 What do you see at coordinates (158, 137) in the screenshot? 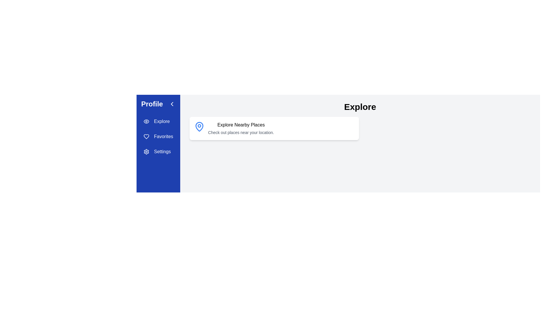
I see `the Favorites button located in the blue sidebar, which is the second item in the list between 'Explore' and 'Settings'` at bounding box center [158, 137].